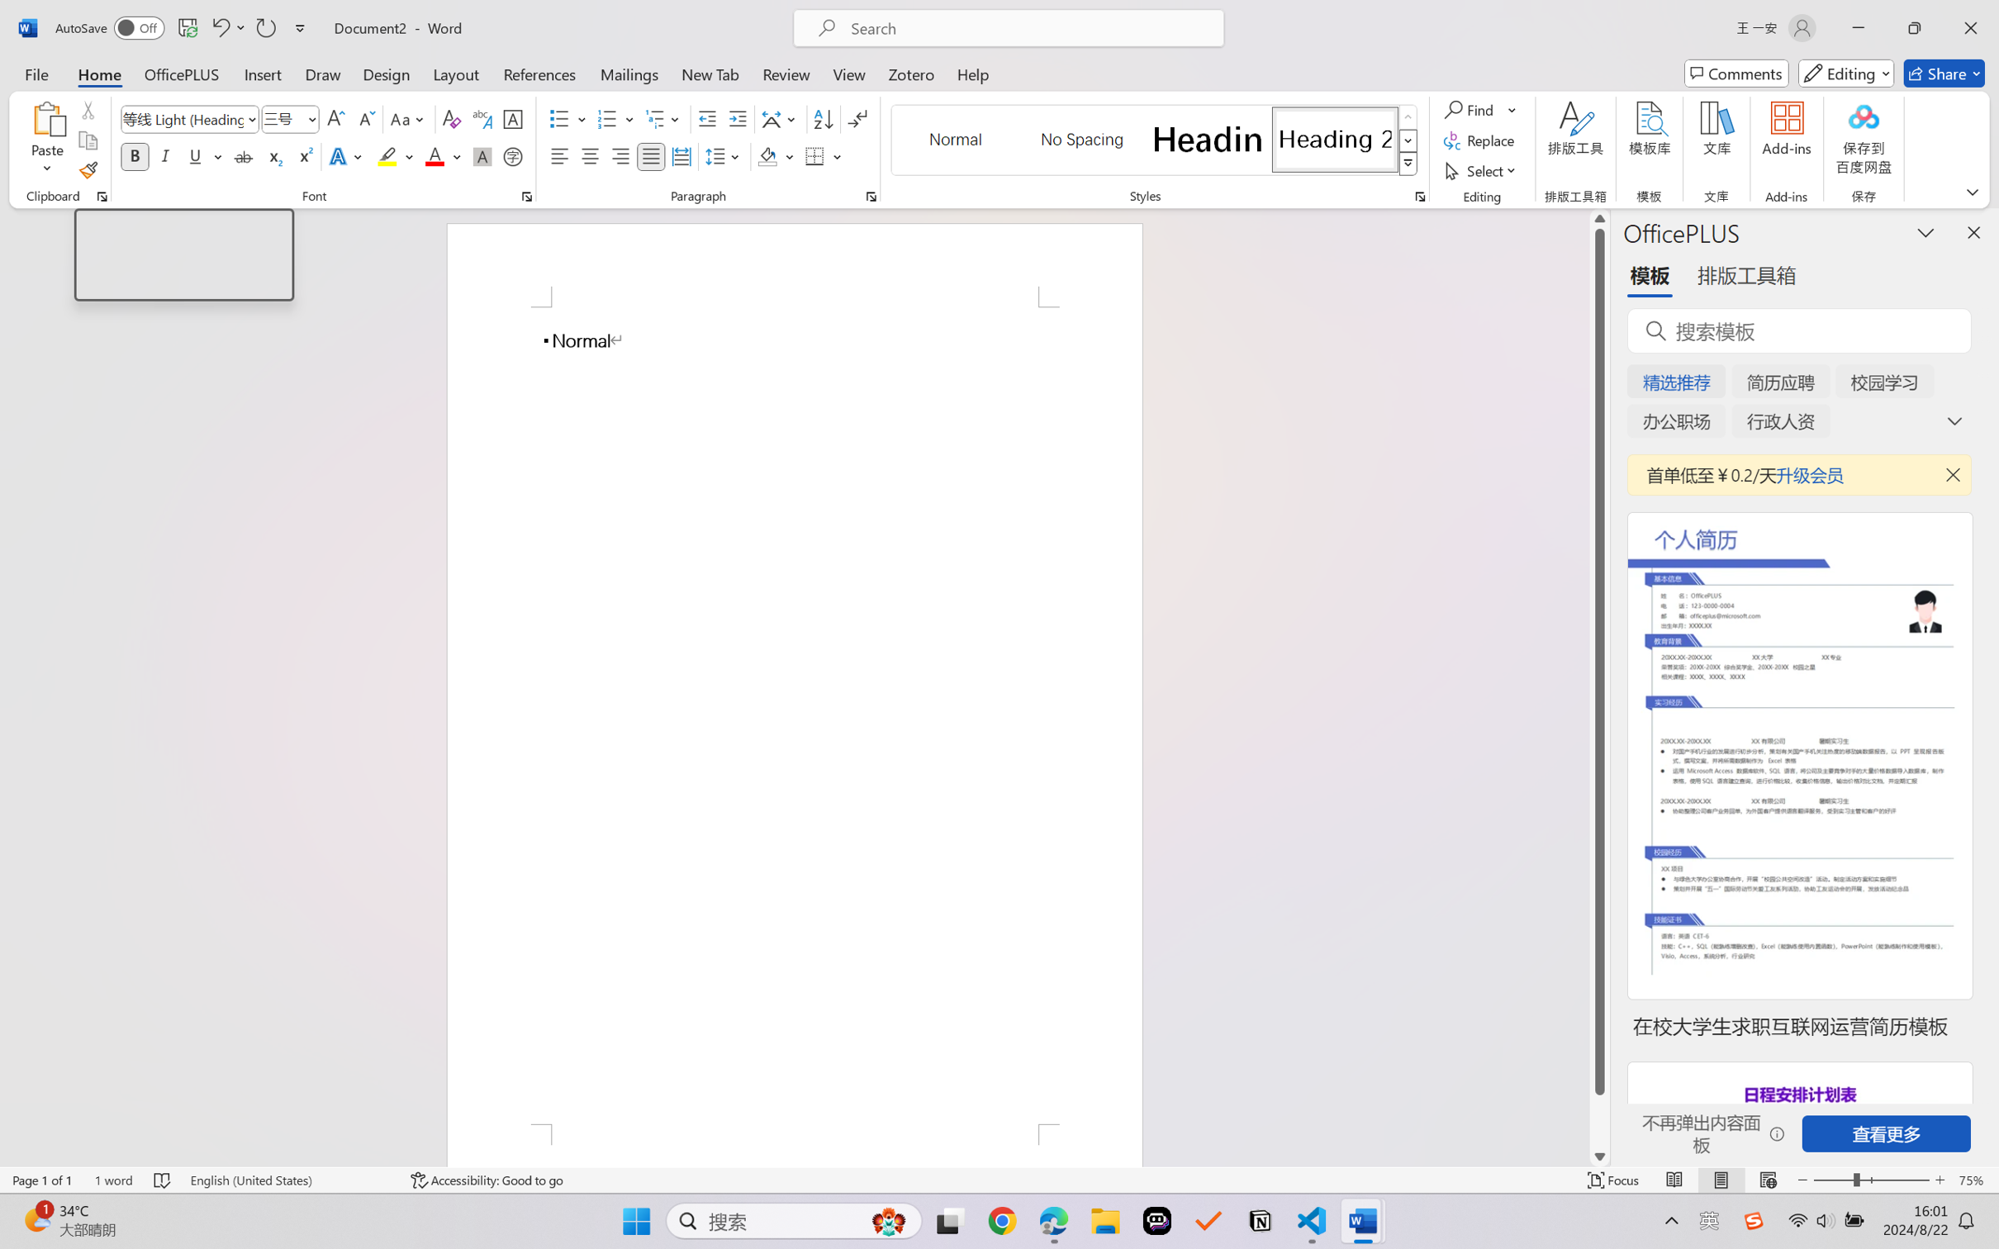  I want to click on 'View', so click(849, 73).